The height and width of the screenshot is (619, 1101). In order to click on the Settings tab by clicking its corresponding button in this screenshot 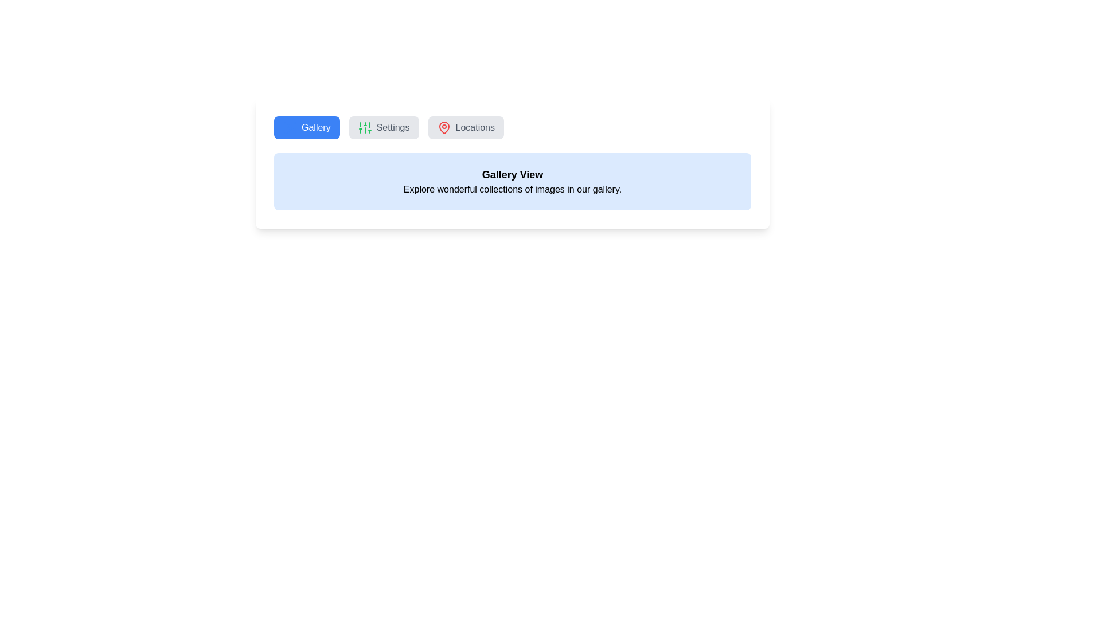, I will do `click(384, 128)`.